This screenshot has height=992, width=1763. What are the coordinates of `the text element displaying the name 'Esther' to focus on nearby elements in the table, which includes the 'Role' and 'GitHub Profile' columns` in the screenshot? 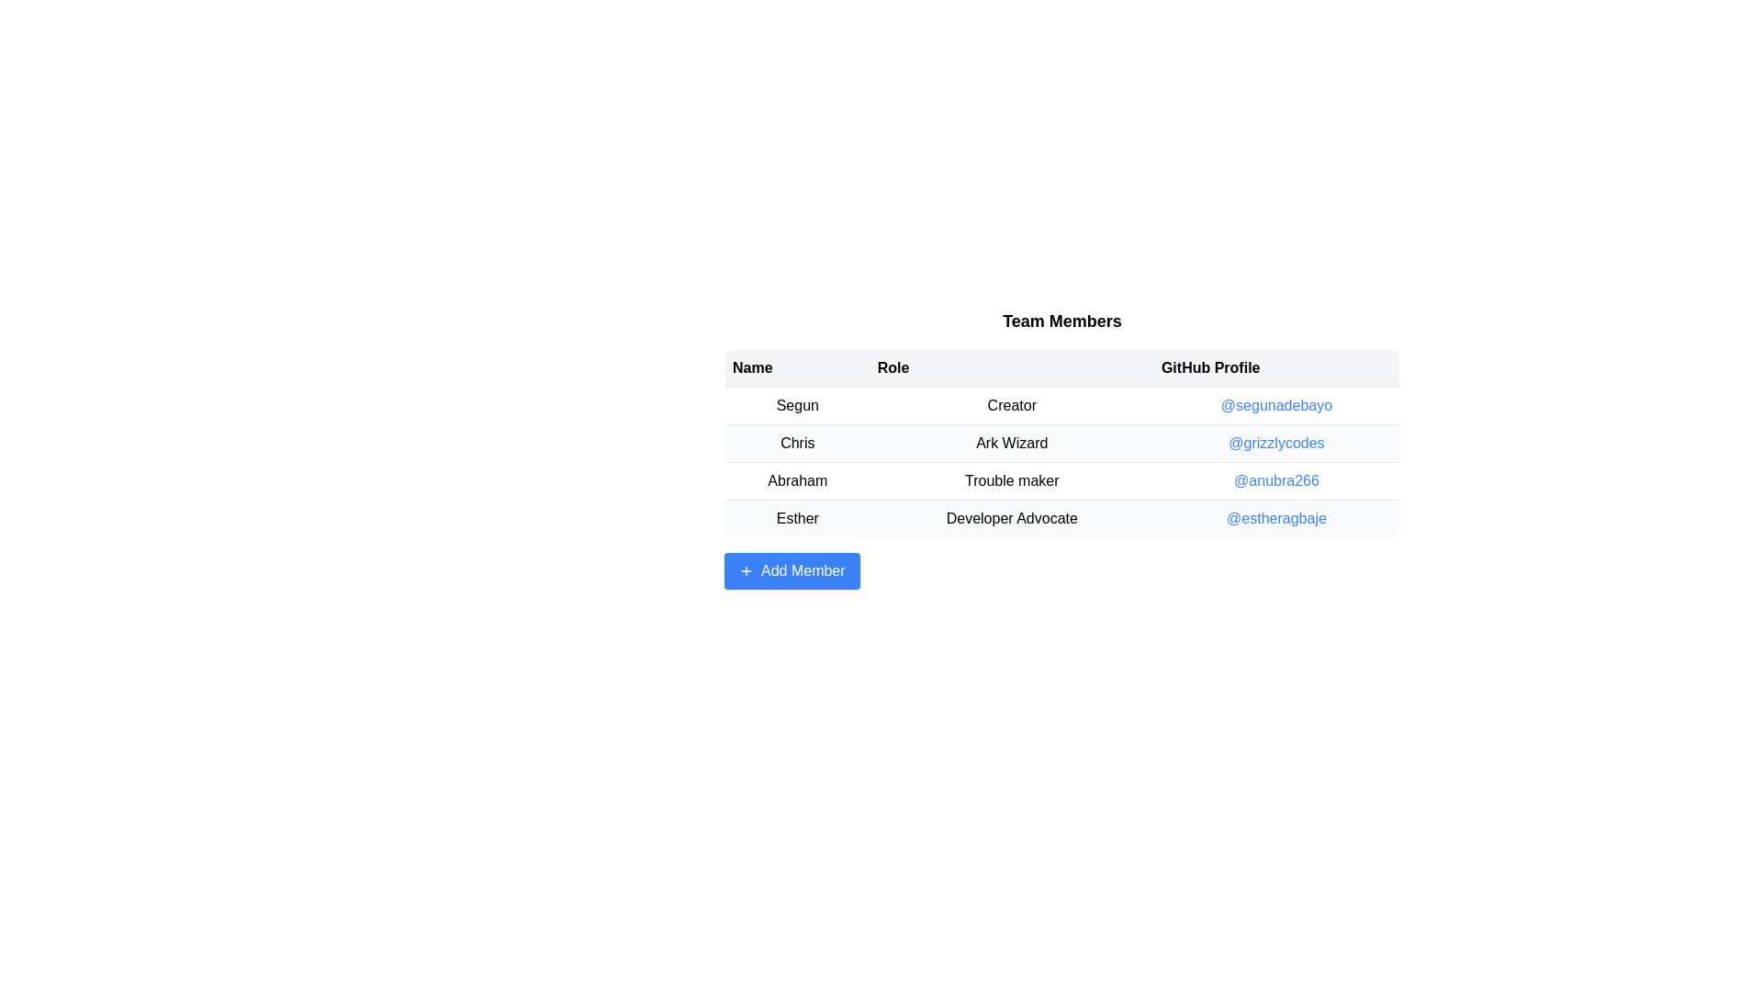 It's located at (797, 518).